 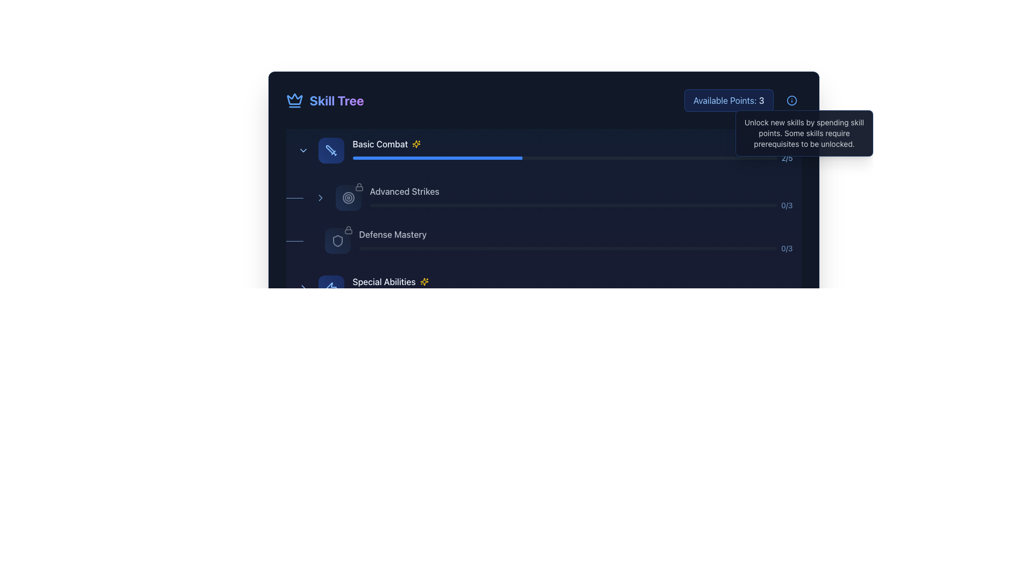 What do you see at coordinates (437, 158) in the screenshot?
I see `the visual representation of the progress bar segment that indicates 40% completion in the 'Skill Tree' for 'Basic Combat'` at bounding box center [437, 158].